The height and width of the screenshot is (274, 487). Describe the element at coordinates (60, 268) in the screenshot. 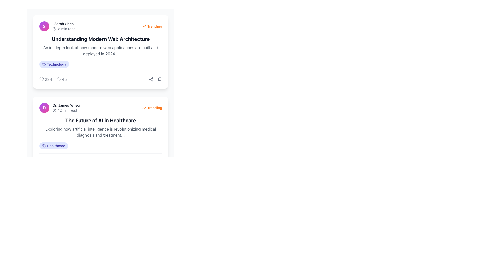

I see `the first button in the pagination control area, which is styled with a rounded shape and a white background` at that location.